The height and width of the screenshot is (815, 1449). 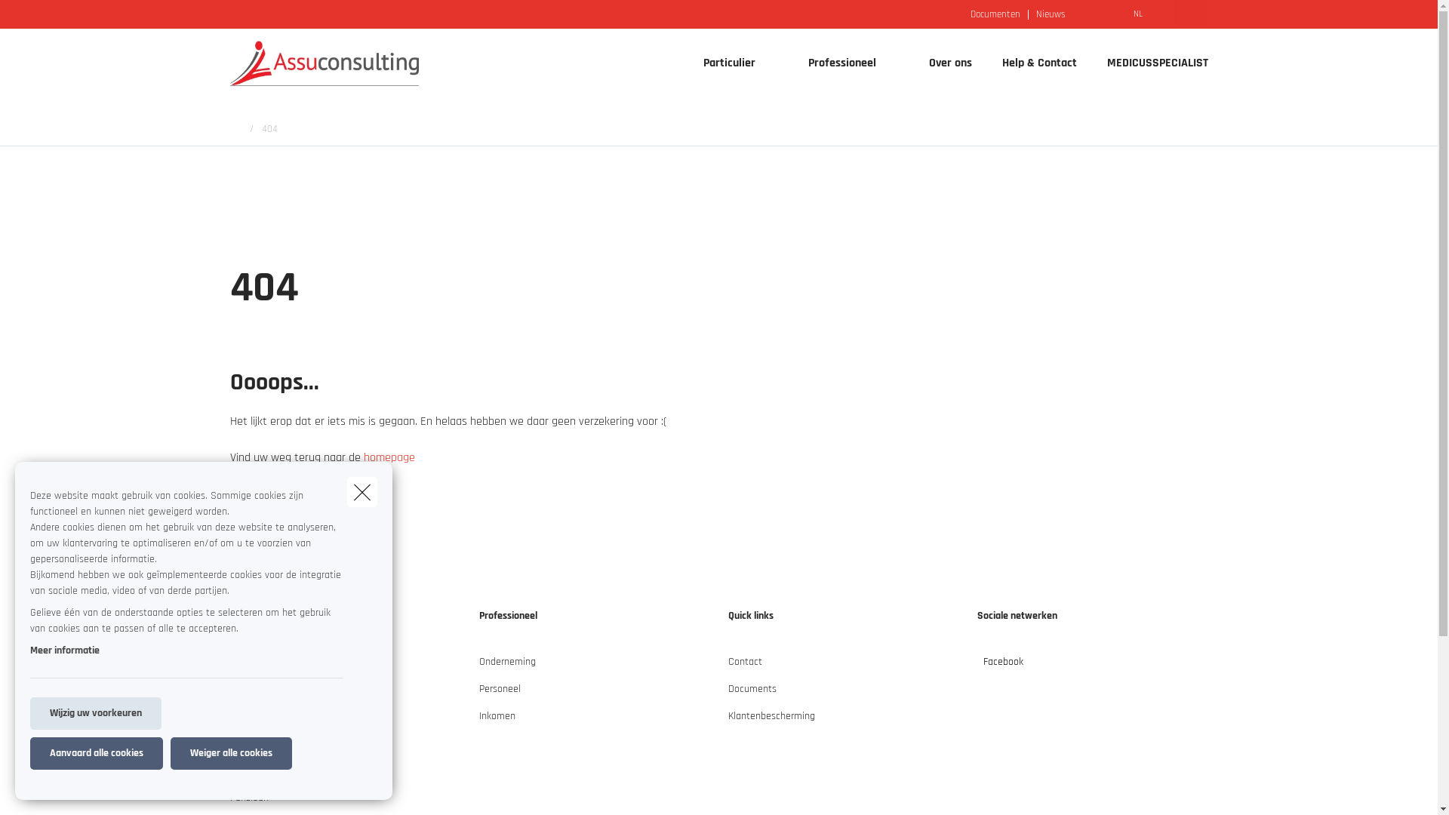 I want to click on 'Over ons', so click(x=949, y=63).